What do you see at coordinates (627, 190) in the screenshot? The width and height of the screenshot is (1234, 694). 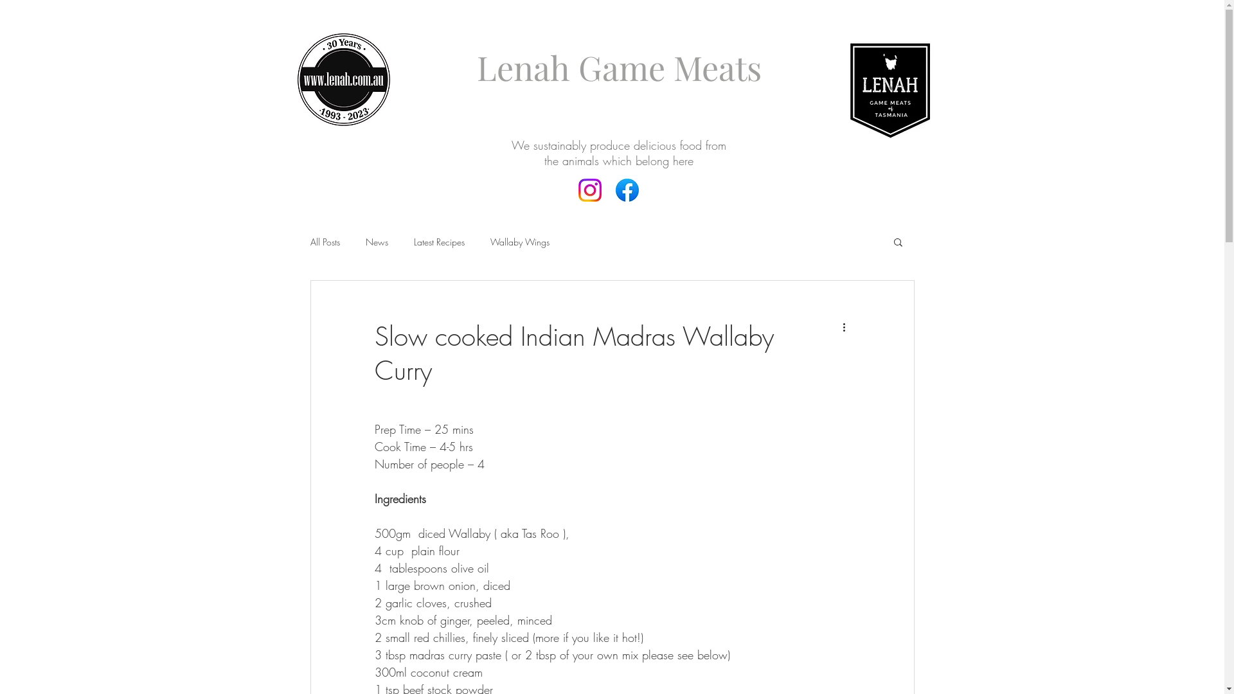 I see `'Facebook'` at bounding box center [627, 190].